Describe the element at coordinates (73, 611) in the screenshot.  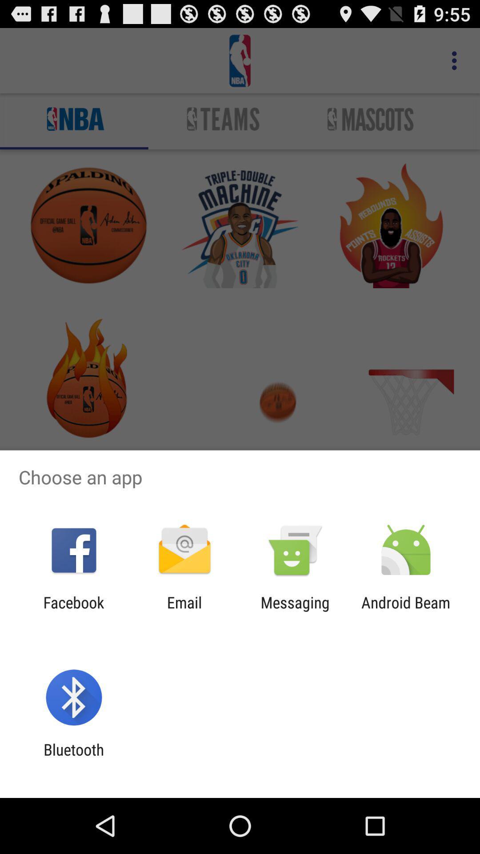
I see `facebook icon` at that location.